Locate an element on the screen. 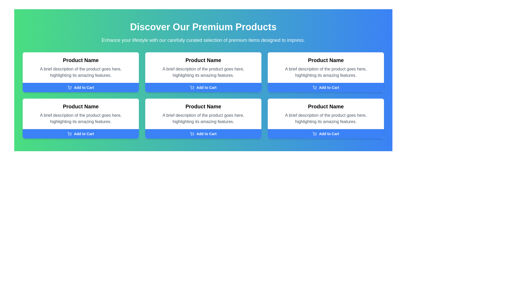 This screenshot has width=506, height=284. the informative text section that provides product information, located in the middle row and middle column of a grid of six items is located at coordinates (203, 67).